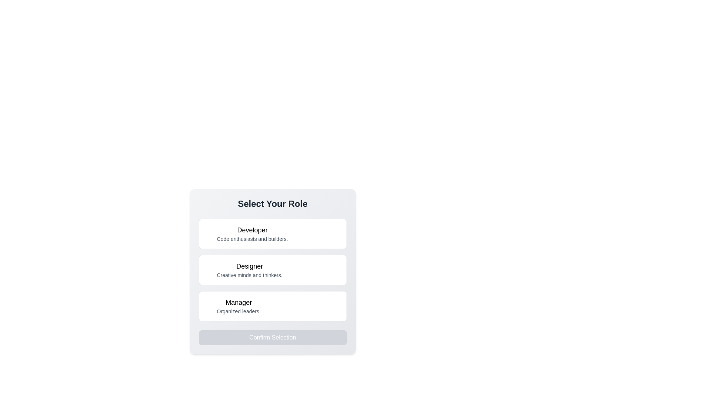 The width and height of the screenshot is (710, 399). Describe the element at coordinates (239, 311) in the screenshot. I see `the static text label displaying 'Organized leaders.' located below the heading 'Manager'` at that location.